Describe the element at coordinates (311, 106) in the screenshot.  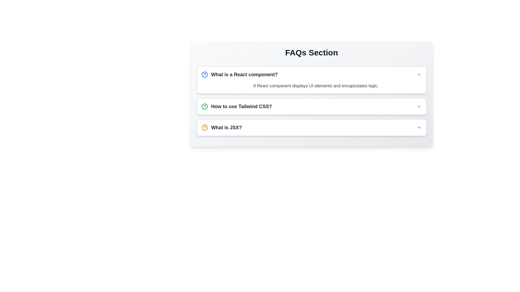
I see `the Collapsible FAQ item labeled 'How to use Tailwind CSS?'` at that location.